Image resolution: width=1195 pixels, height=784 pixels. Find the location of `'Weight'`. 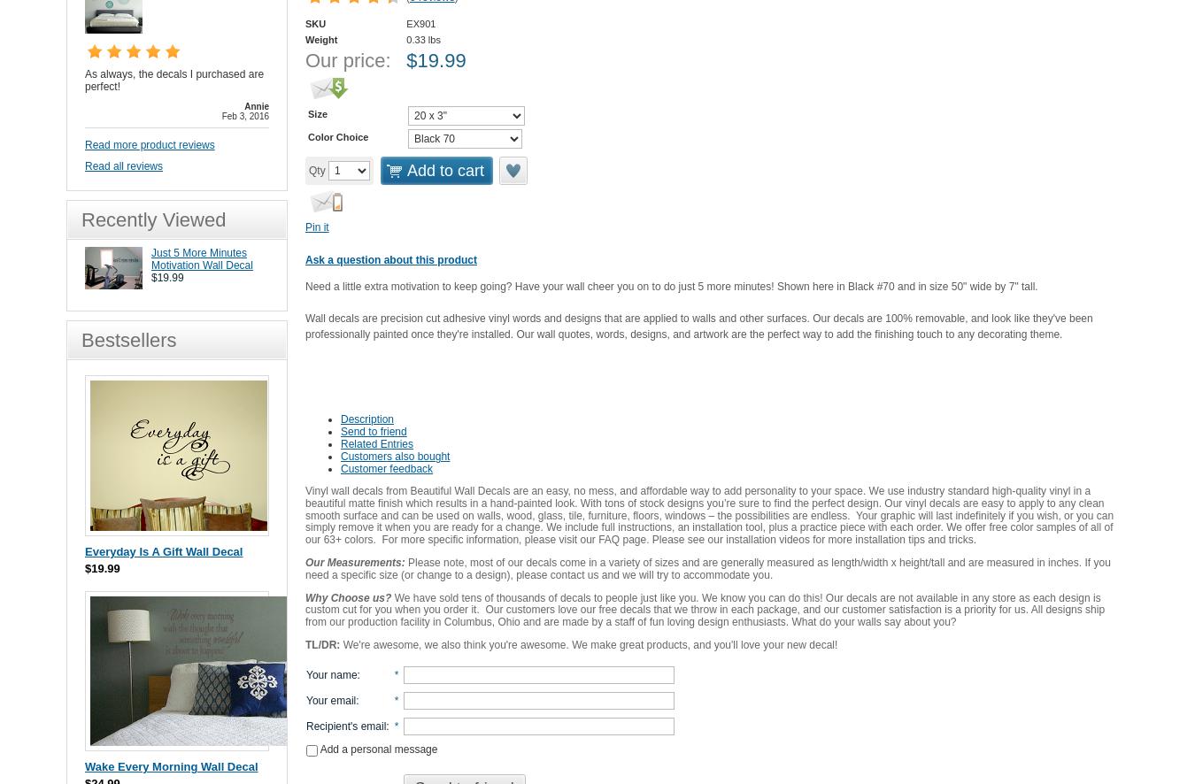

'Weight' is located at coordinates (305, 39).